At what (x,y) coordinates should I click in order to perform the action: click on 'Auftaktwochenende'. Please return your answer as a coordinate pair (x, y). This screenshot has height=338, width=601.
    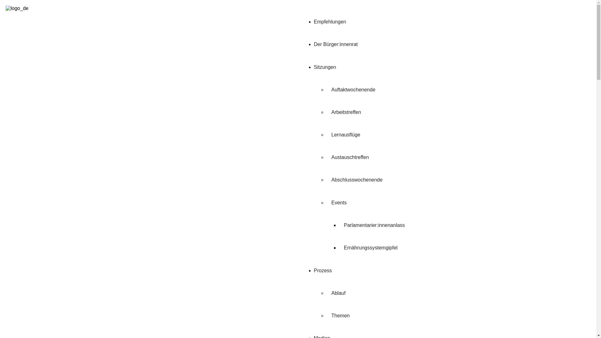
    Looking at the image, I should click on (326, 90).